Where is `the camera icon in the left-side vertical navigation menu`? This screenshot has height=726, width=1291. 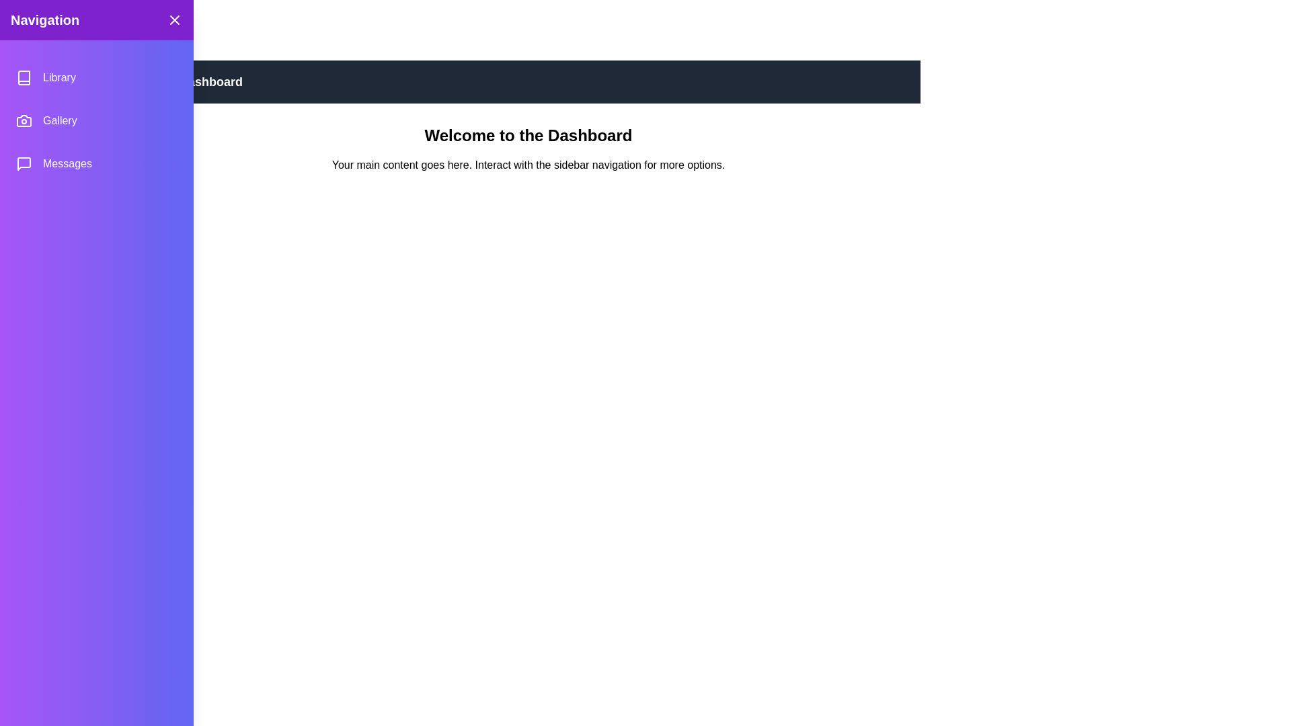
the camera icon in the left-side vertical navigation menu is located at coordinates (24, 121).